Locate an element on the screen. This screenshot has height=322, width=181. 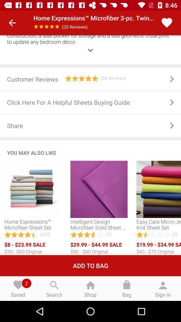
fall asleep in item is located at coordinates (90, 45).